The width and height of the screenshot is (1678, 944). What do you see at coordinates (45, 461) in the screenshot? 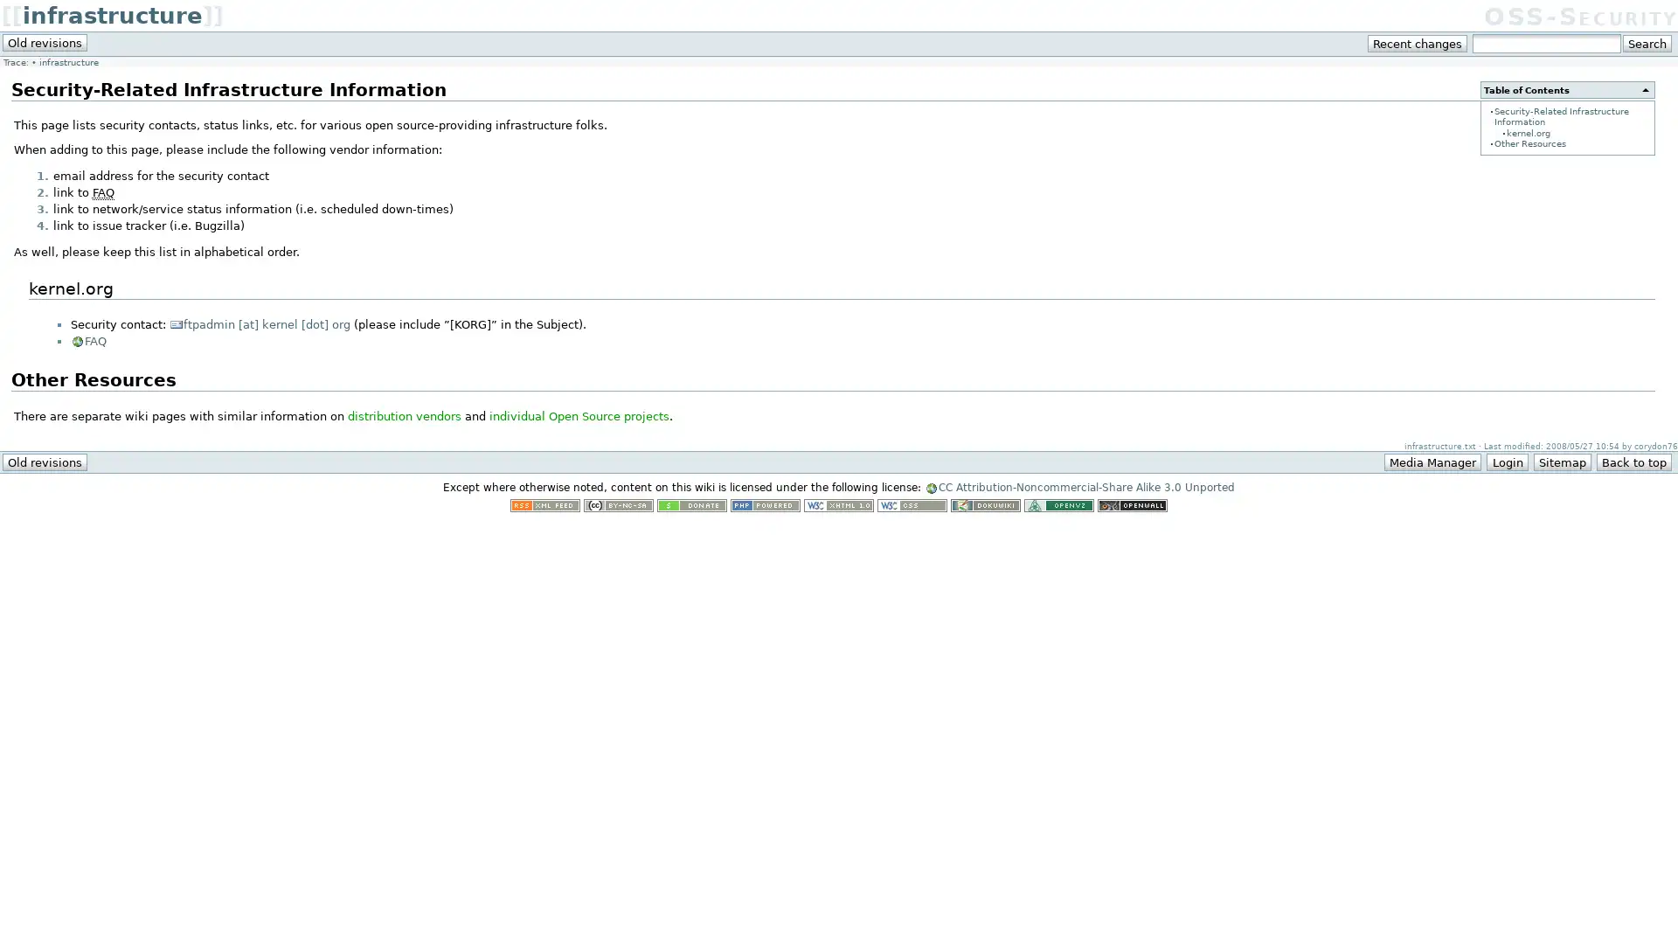
I see `Old revisions` at bounding box center [45, 461].